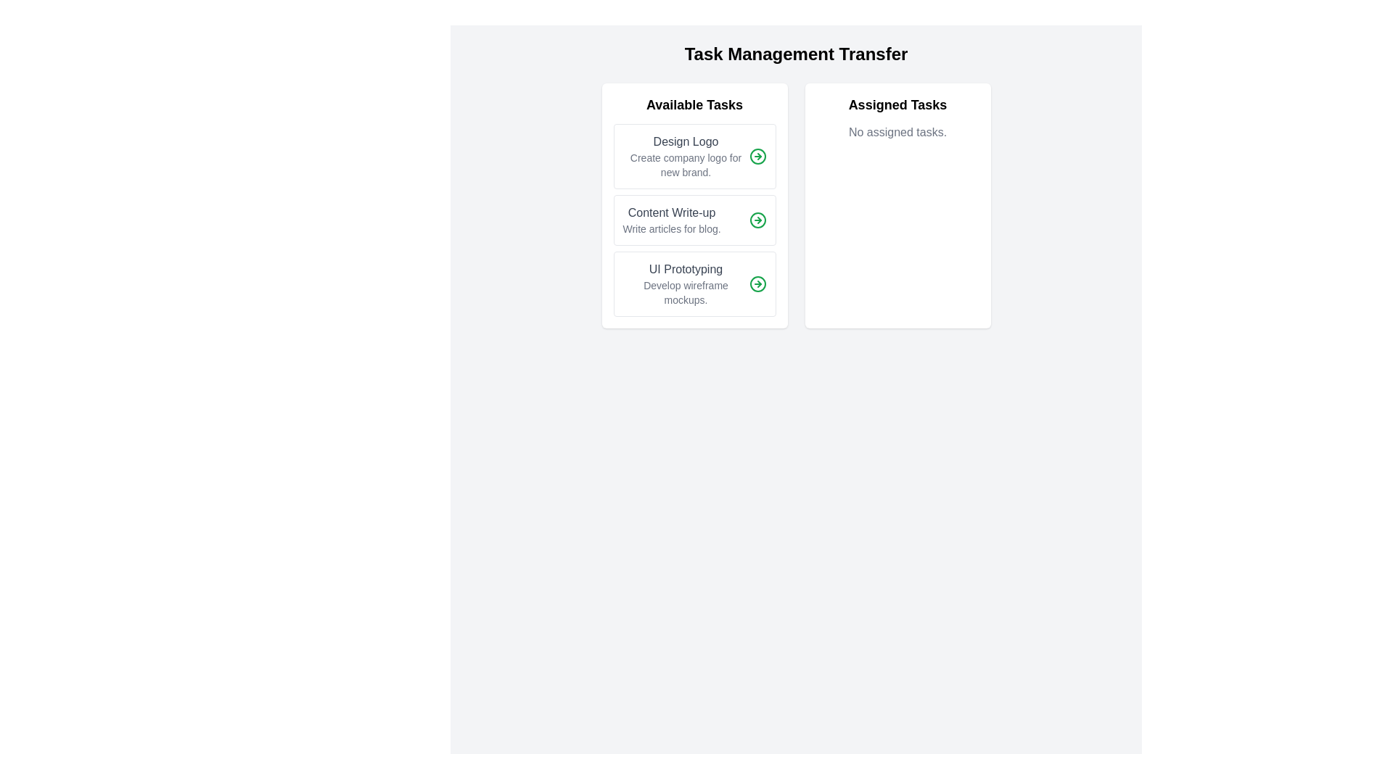 Image resolution: width=1393 pixels, height=783 pixels. Describe the element at coordinates (694, 104) in the screenshot. I see `the text label header 'Available Tasks'` at that location.